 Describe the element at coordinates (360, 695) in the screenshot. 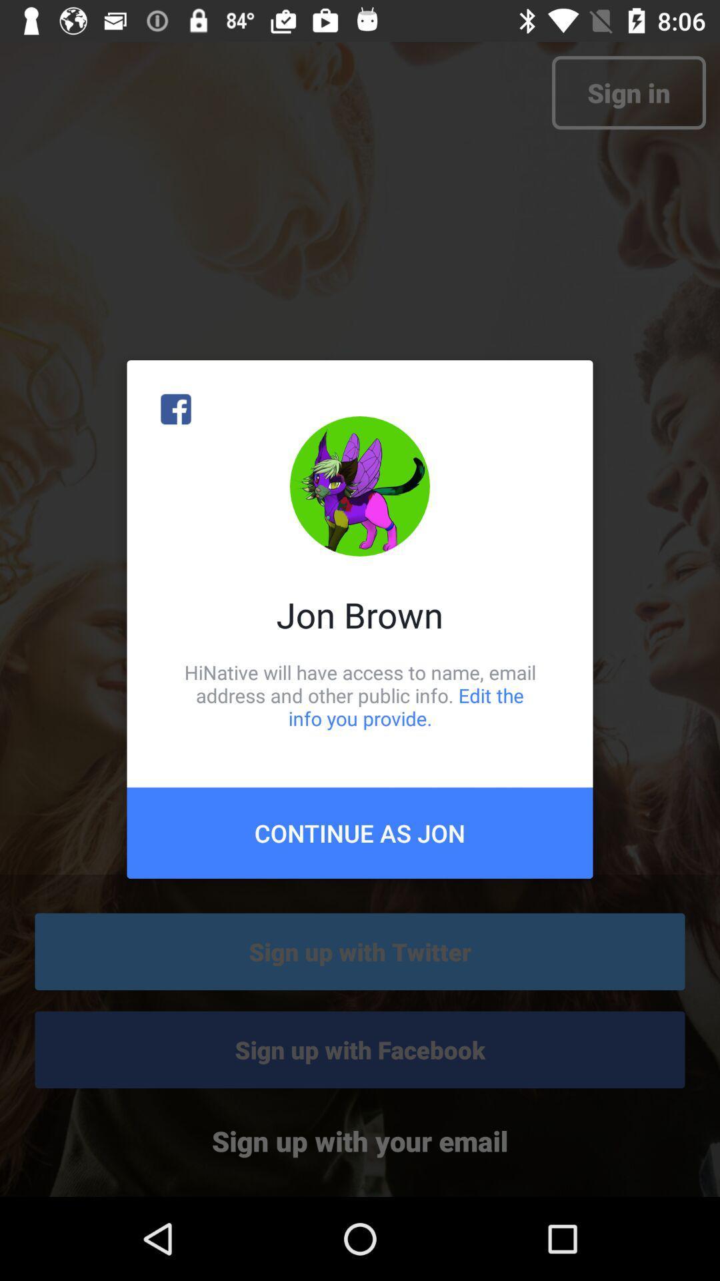

I see `the hinative will have item` at that location.